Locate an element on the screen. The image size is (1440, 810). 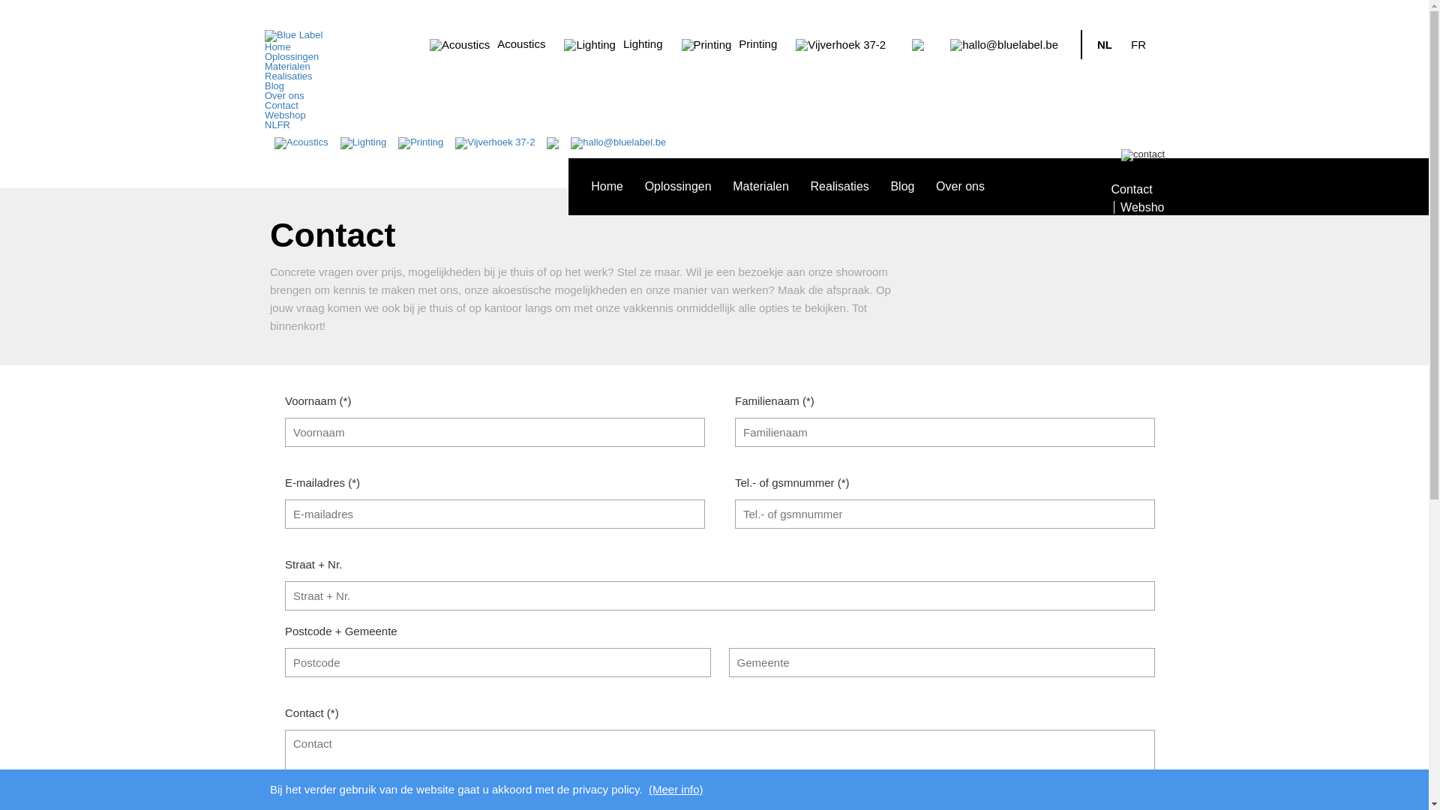
'Realisaties' is located at coordinates (838, 185).